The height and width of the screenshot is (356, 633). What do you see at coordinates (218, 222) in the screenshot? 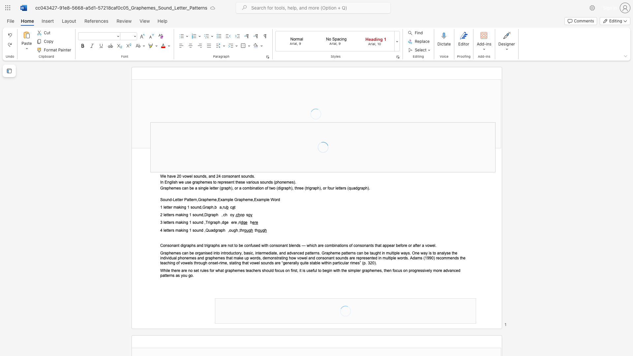
I see `the space between the continuous character "p" and "h" in the text` at bounding box center [218, 222].